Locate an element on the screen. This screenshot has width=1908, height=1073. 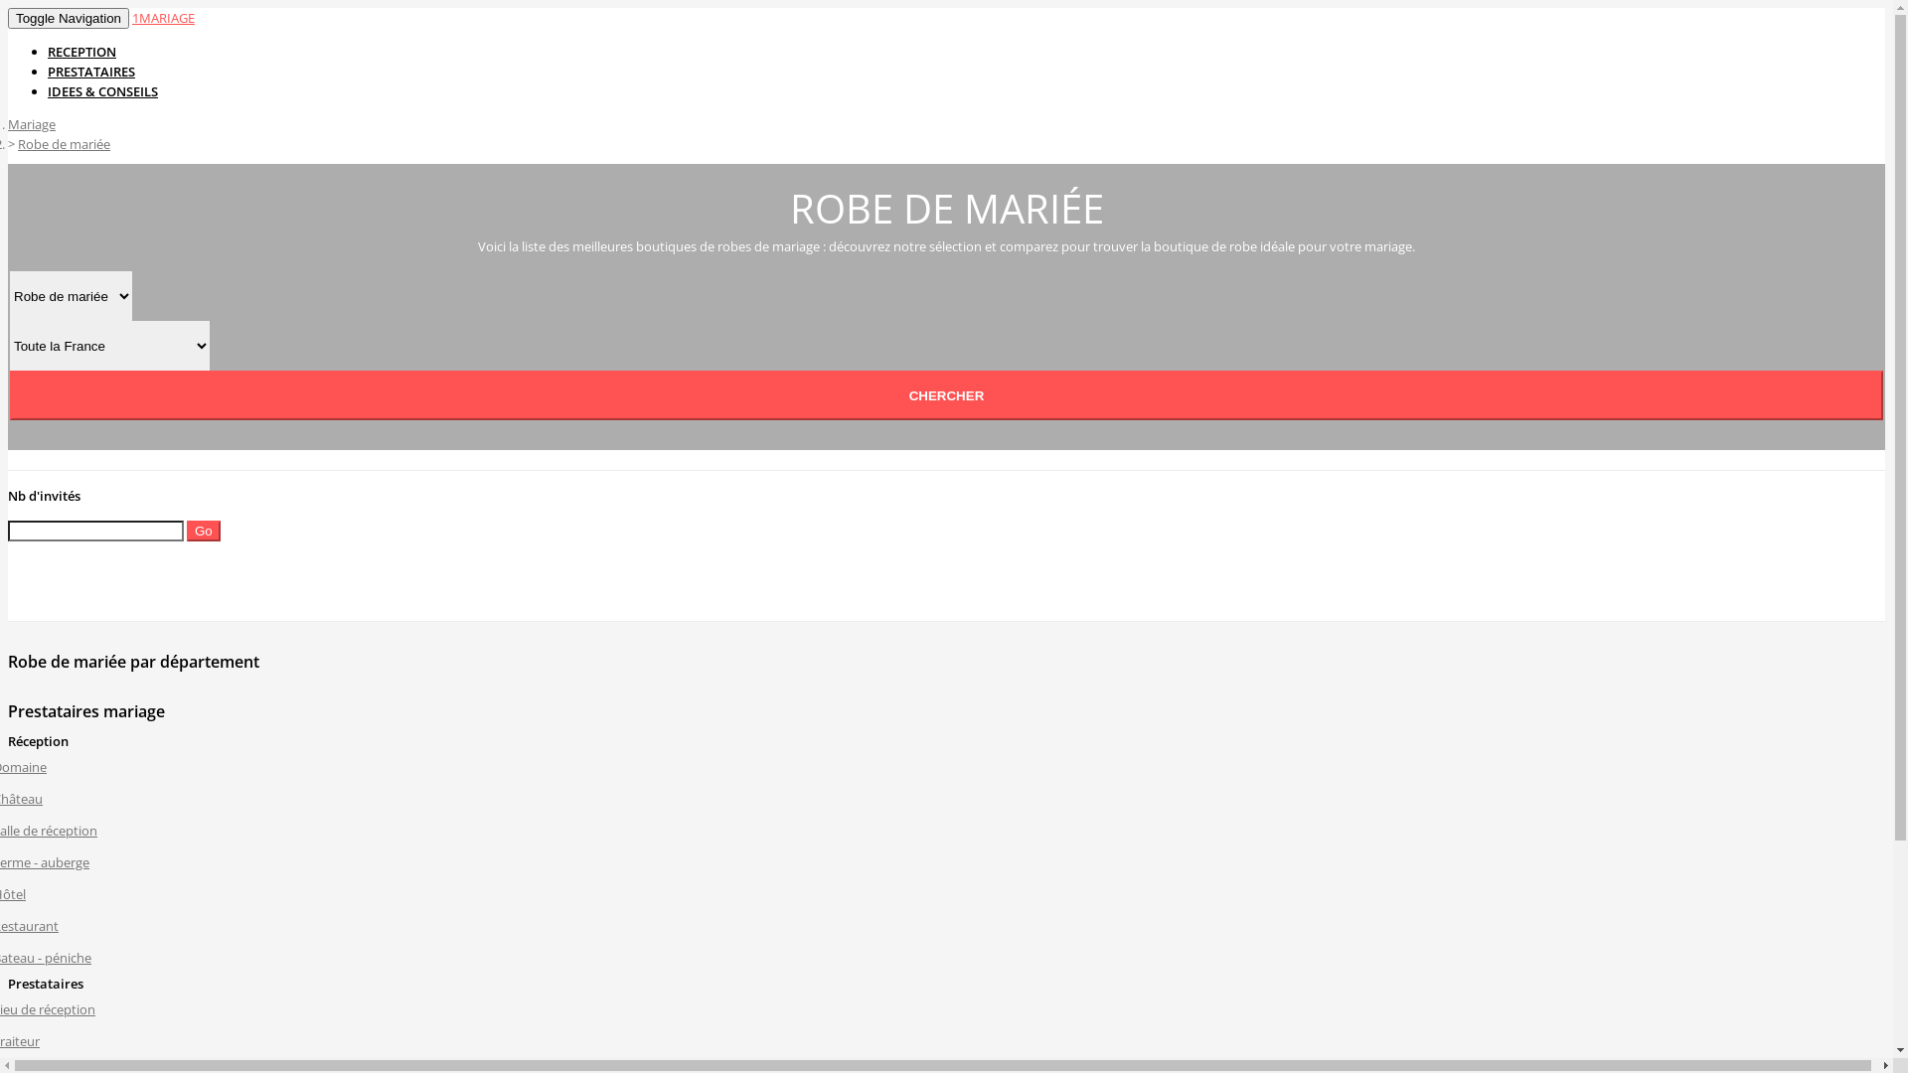
'Go' is located at coordinates (204, 530).